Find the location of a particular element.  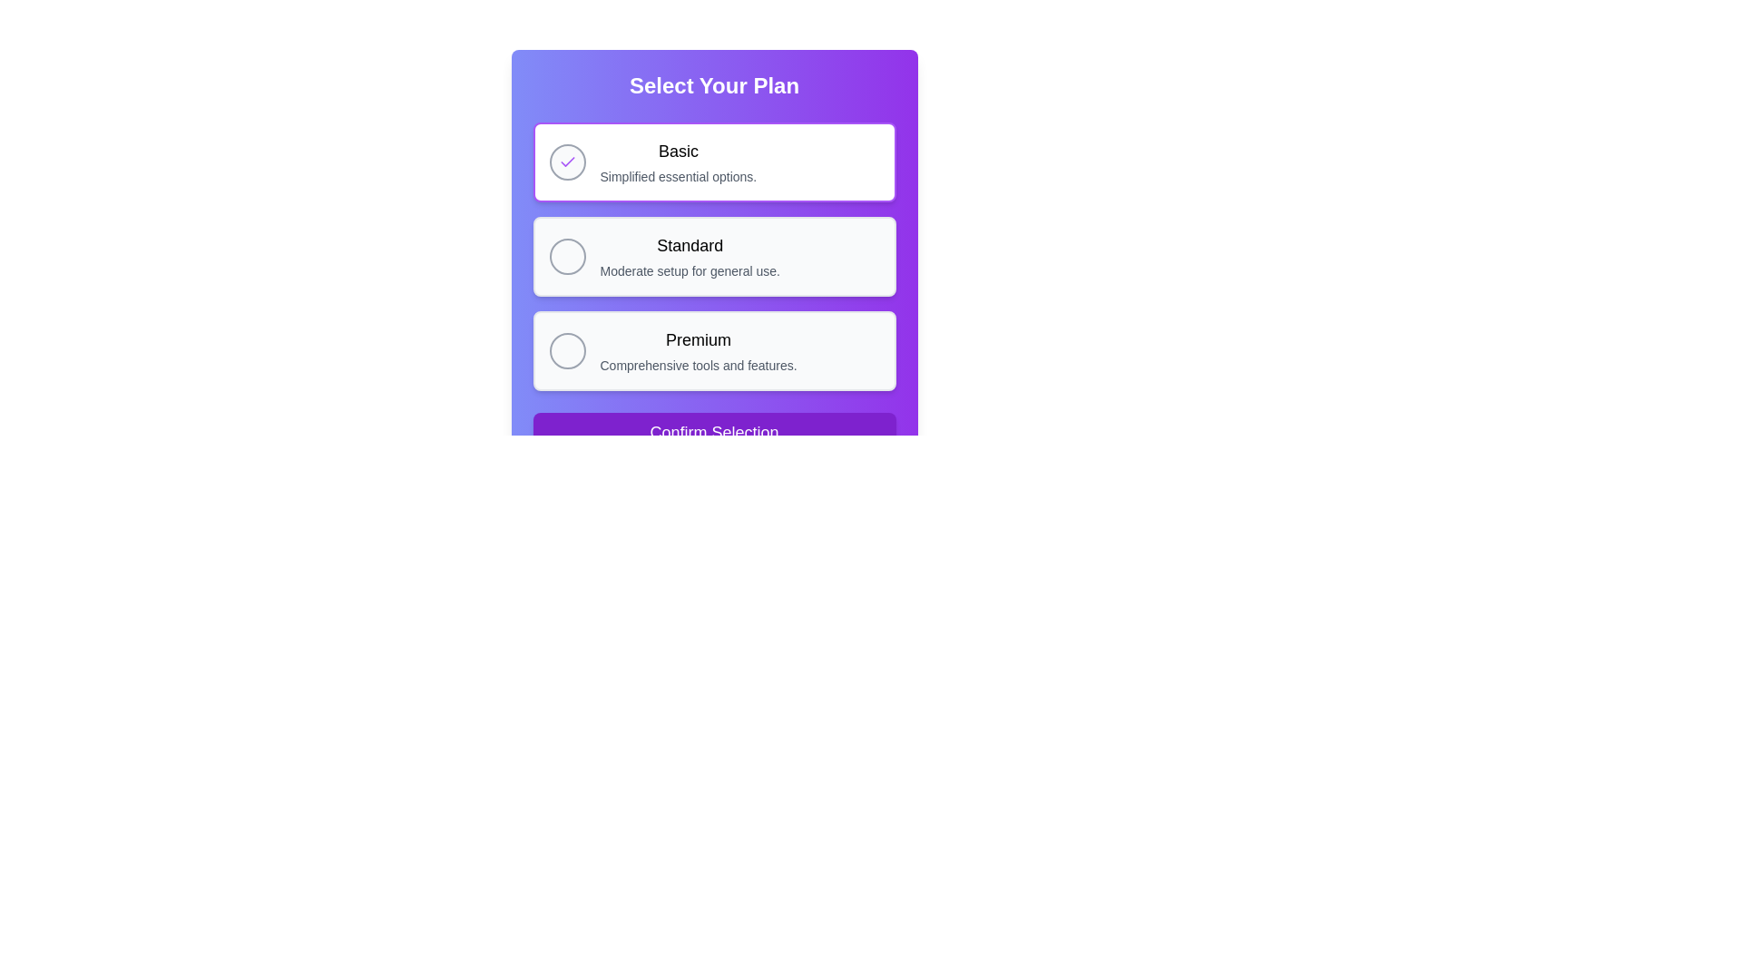

the checkmark icon that indicates the 'Basic' choice option in the plan selection menu to interact with it is located at coordinates (566, 161).